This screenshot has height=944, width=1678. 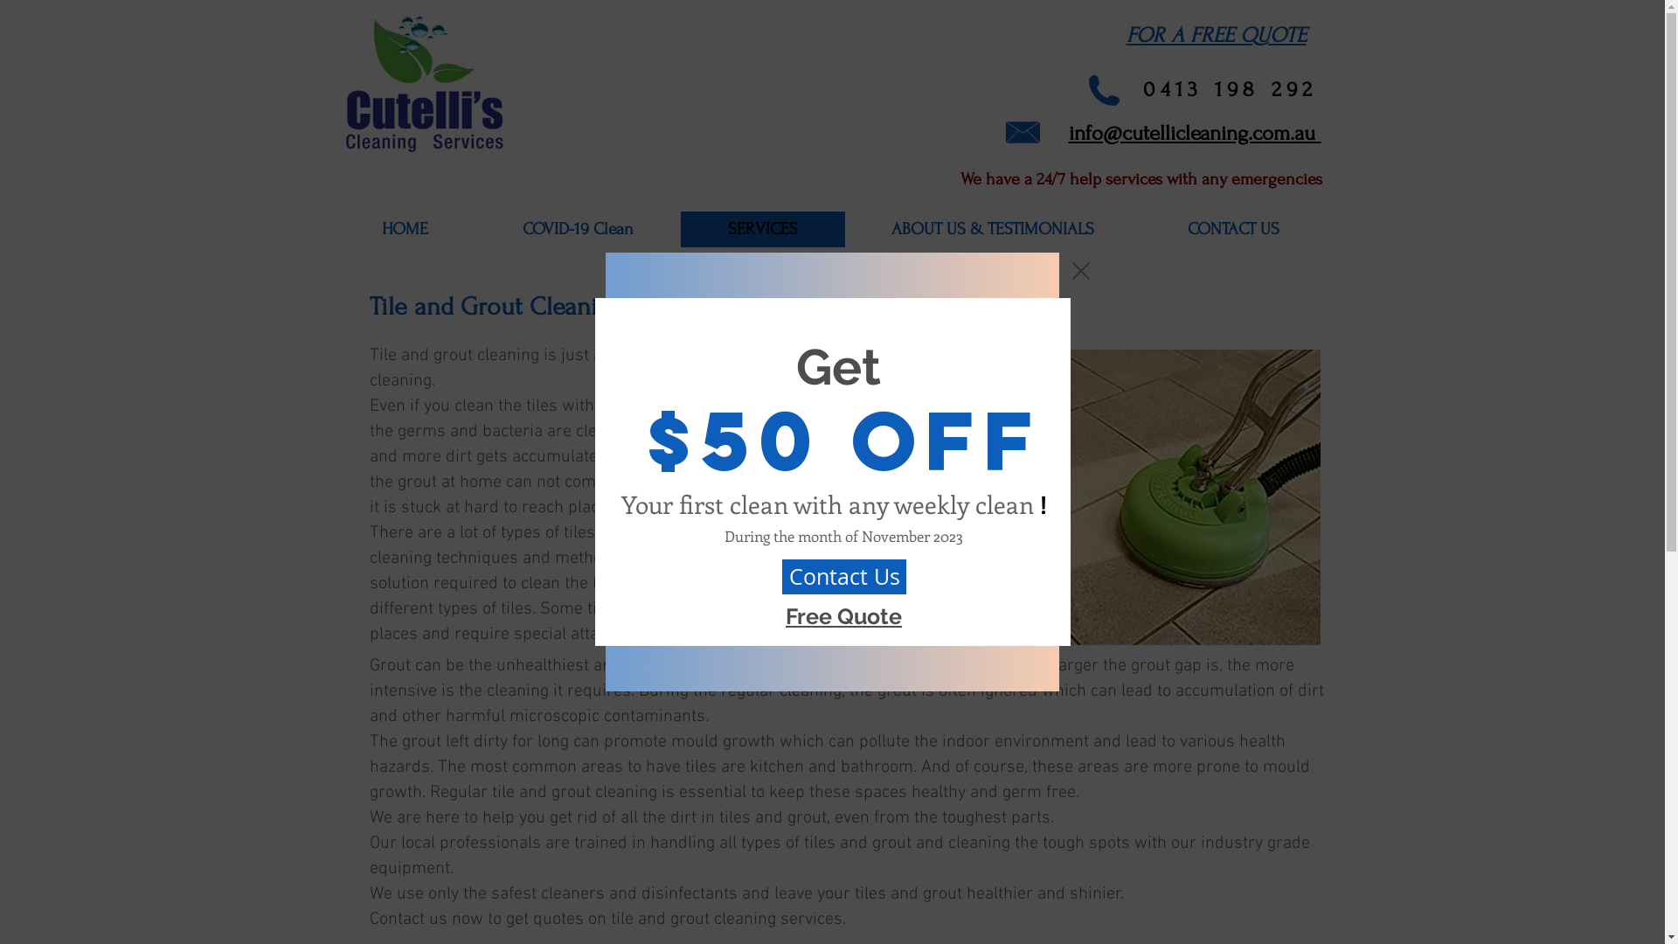 I want to click on 'HOME', so click(x=403, y=228).